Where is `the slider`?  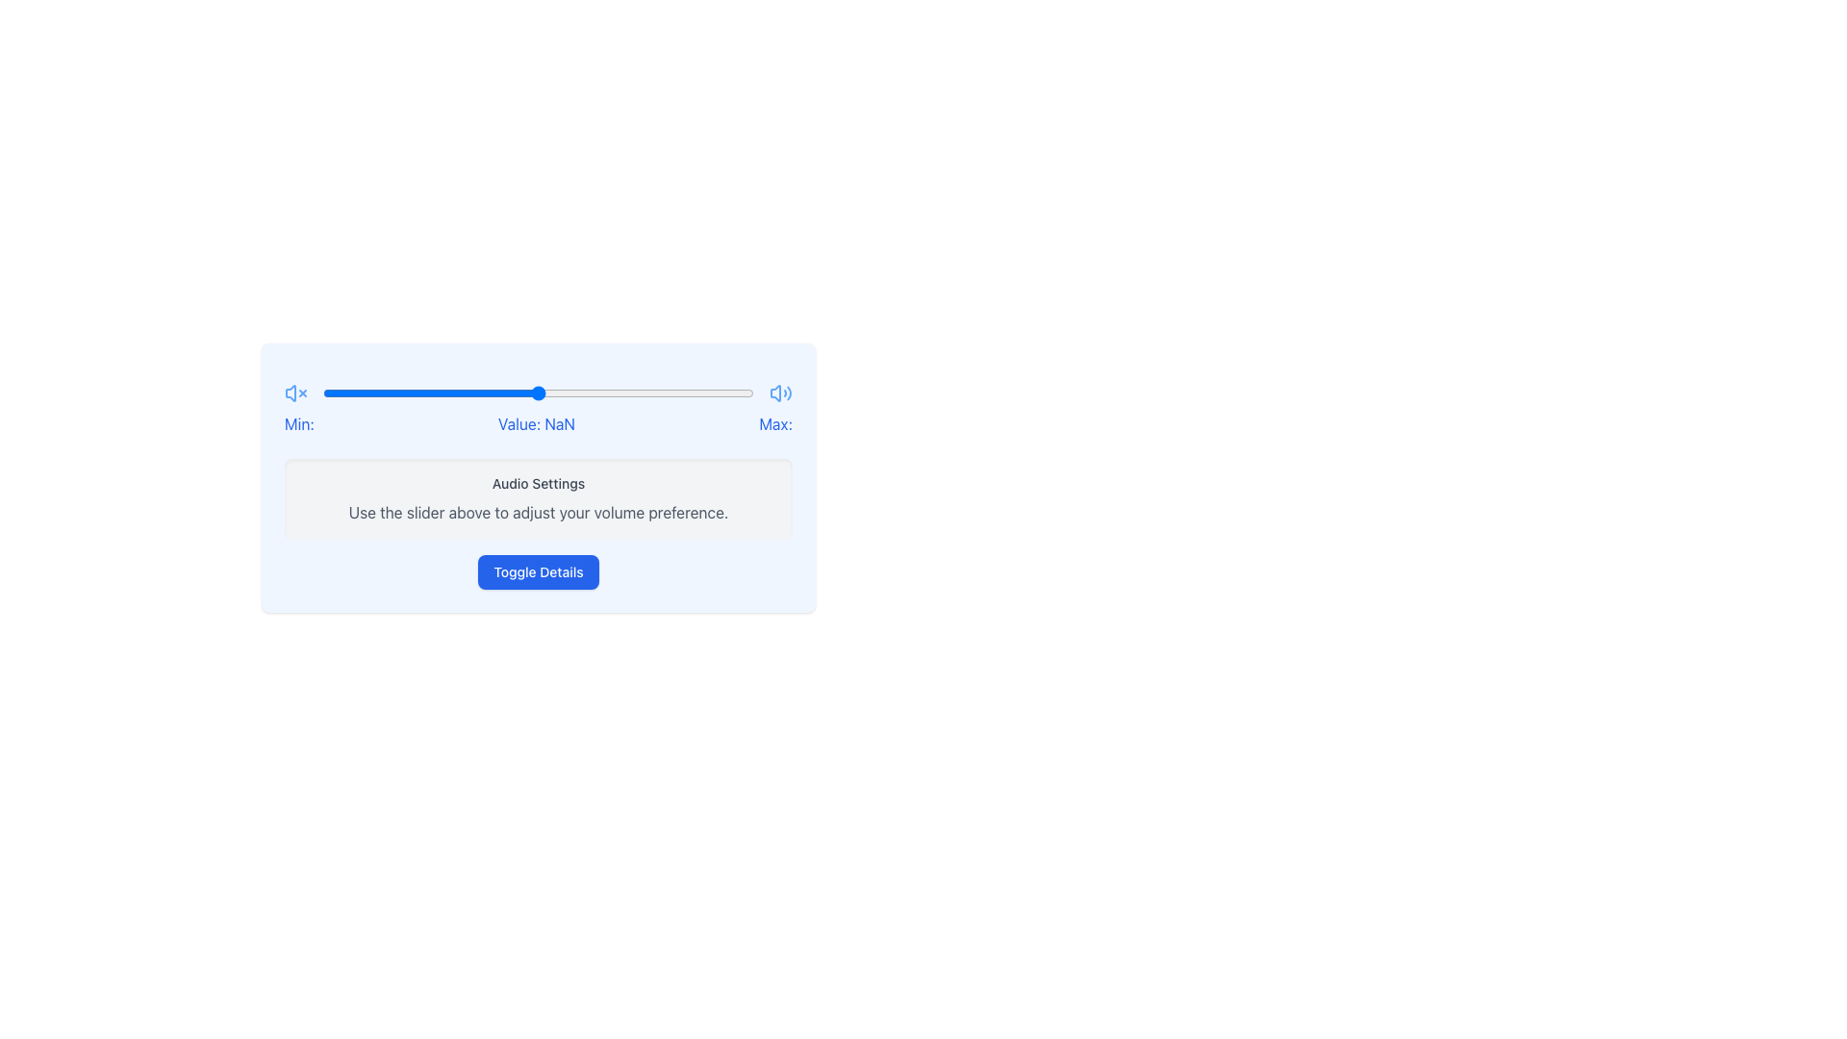 the slider is located at coordinates (571, 392).